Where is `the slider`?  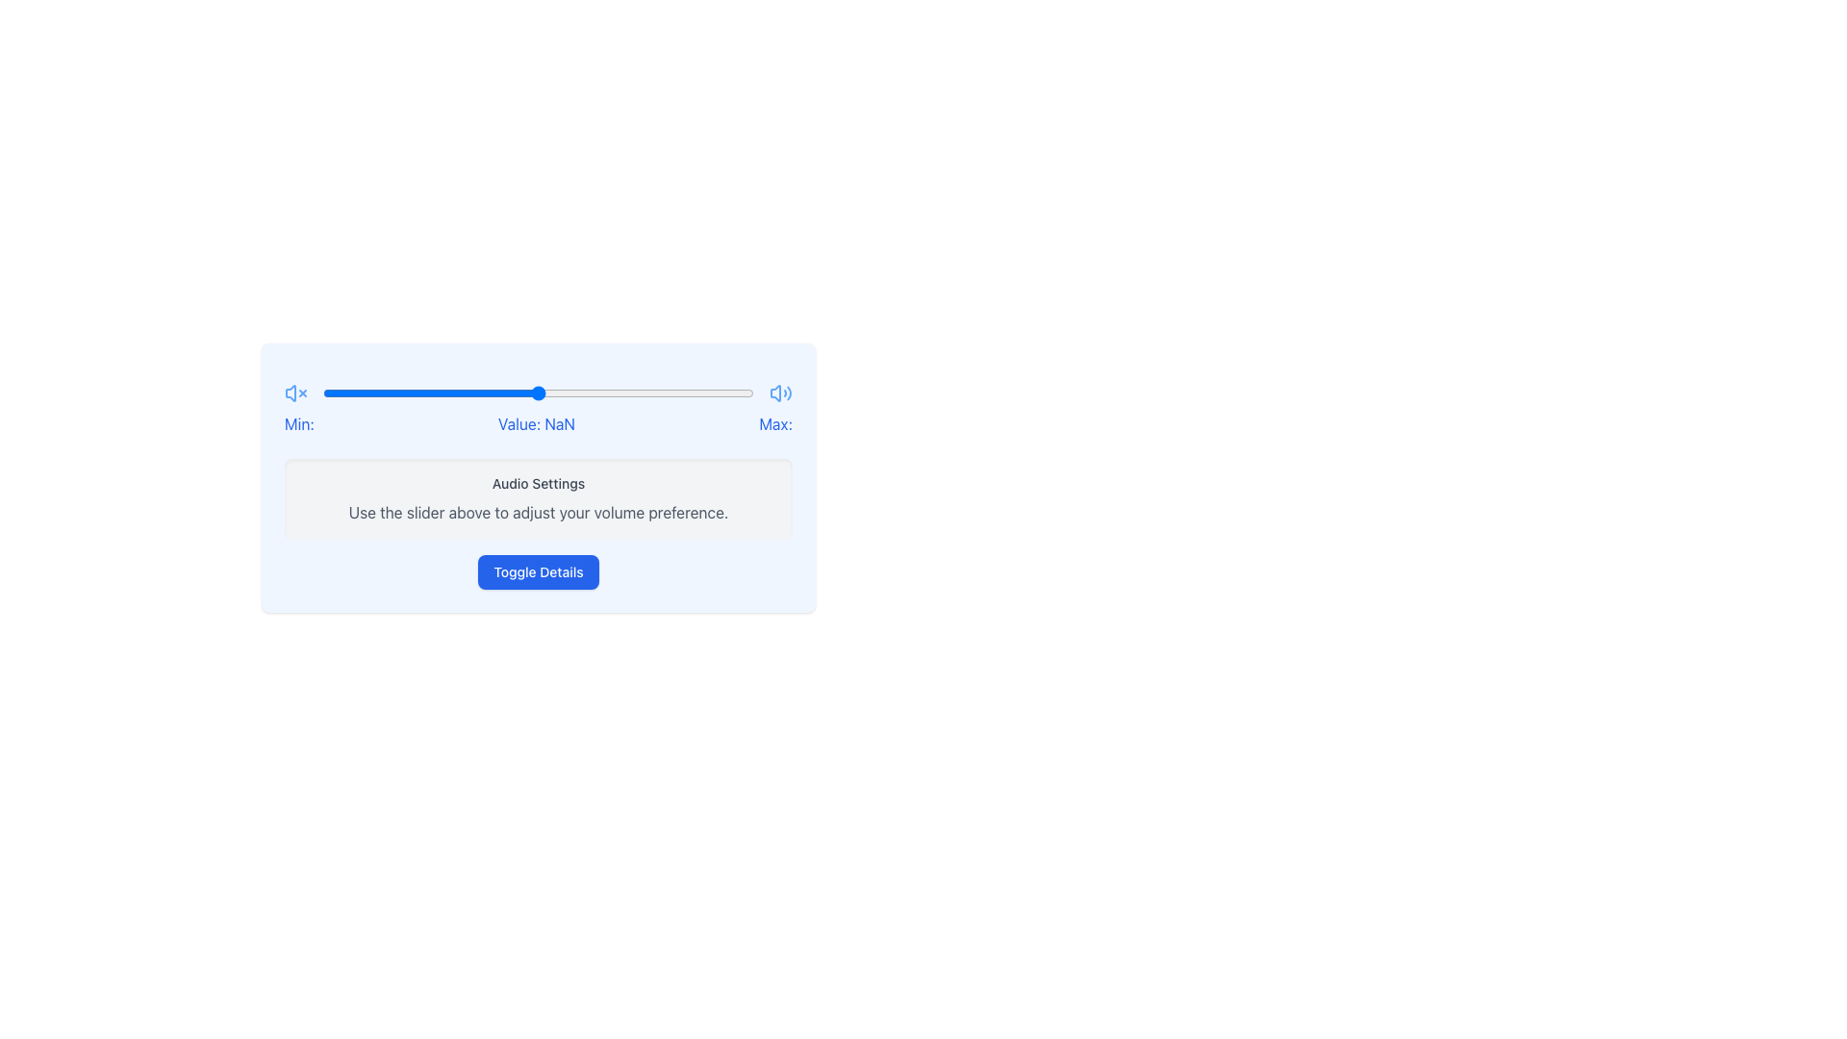 the slider is located at coordinates (571, 392).